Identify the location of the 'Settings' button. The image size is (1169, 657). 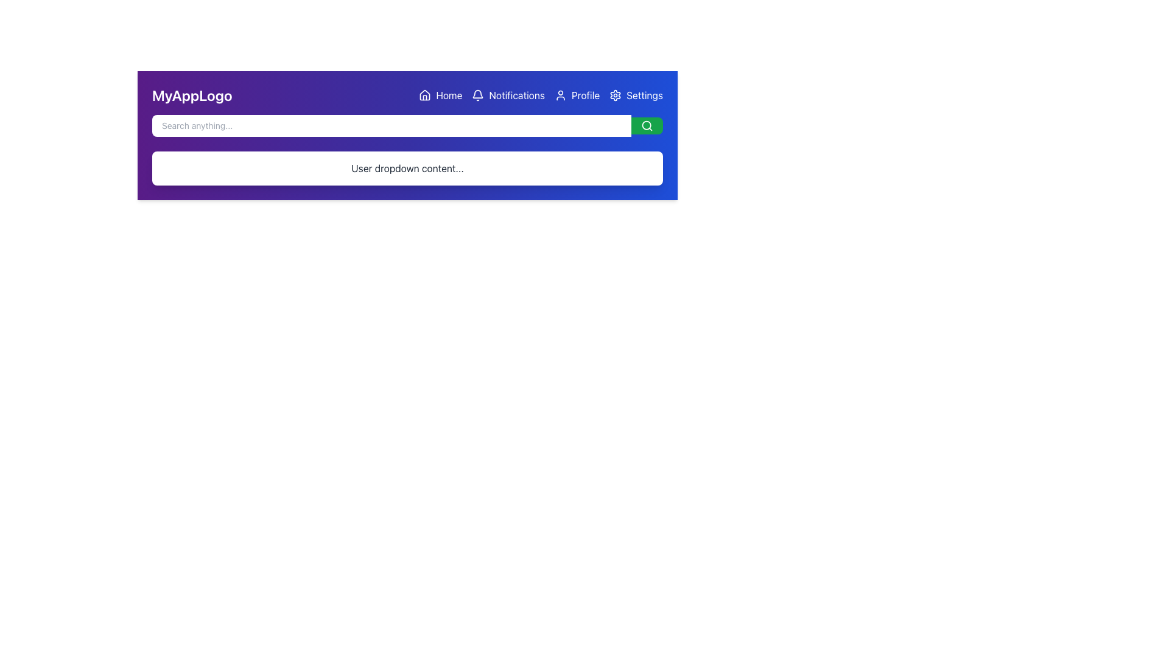
(636, 95).